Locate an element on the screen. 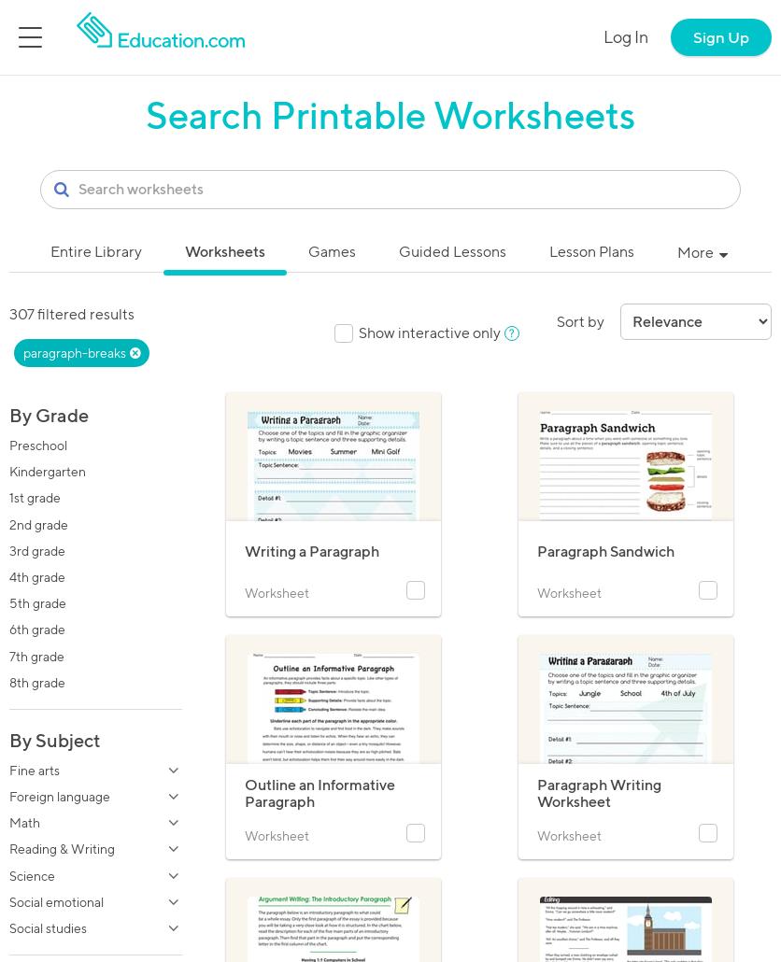  'Show interactive only' is located at coordinates (429, 332).